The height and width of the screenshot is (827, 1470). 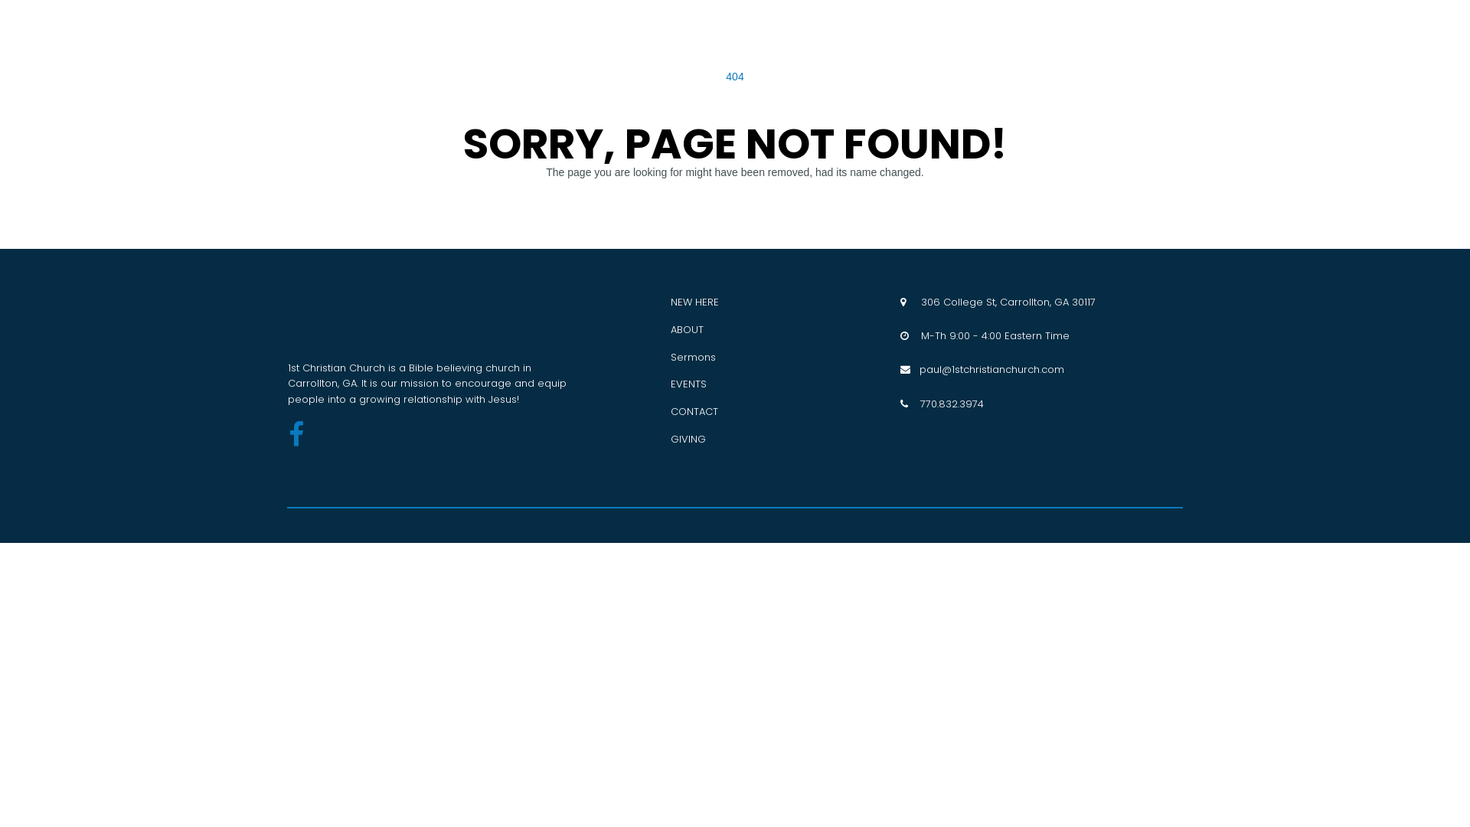 What do you see at coordinates (688, 383) in the screenshot?
I see `'EVENTS'` at bounding box center [688, 383].